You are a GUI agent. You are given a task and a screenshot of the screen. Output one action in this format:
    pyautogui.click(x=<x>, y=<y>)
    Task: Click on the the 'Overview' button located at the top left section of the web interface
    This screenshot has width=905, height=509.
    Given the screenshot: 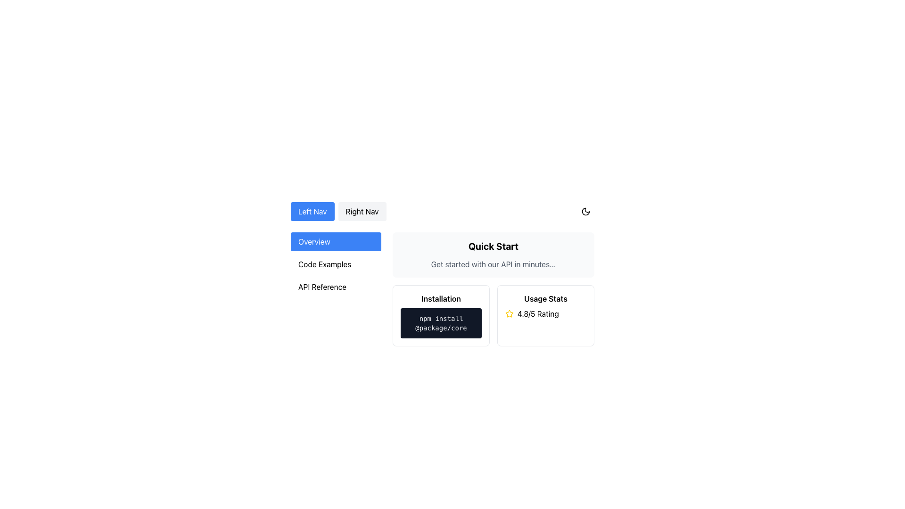 What is the action you would take?
    pyautogui.click(x=336, y=241)
    